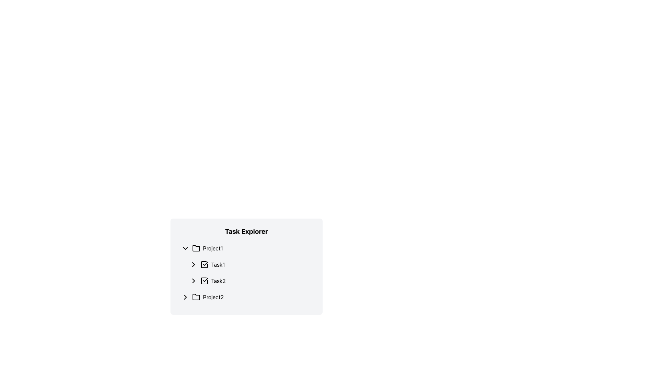 The height and width of the screenshot is (366, 652). Describe the element at coordinates (185, 248) in the screenshot. I see `the chevron icon located in the 'Project1' section of the 'Task Explorer'` at that location.